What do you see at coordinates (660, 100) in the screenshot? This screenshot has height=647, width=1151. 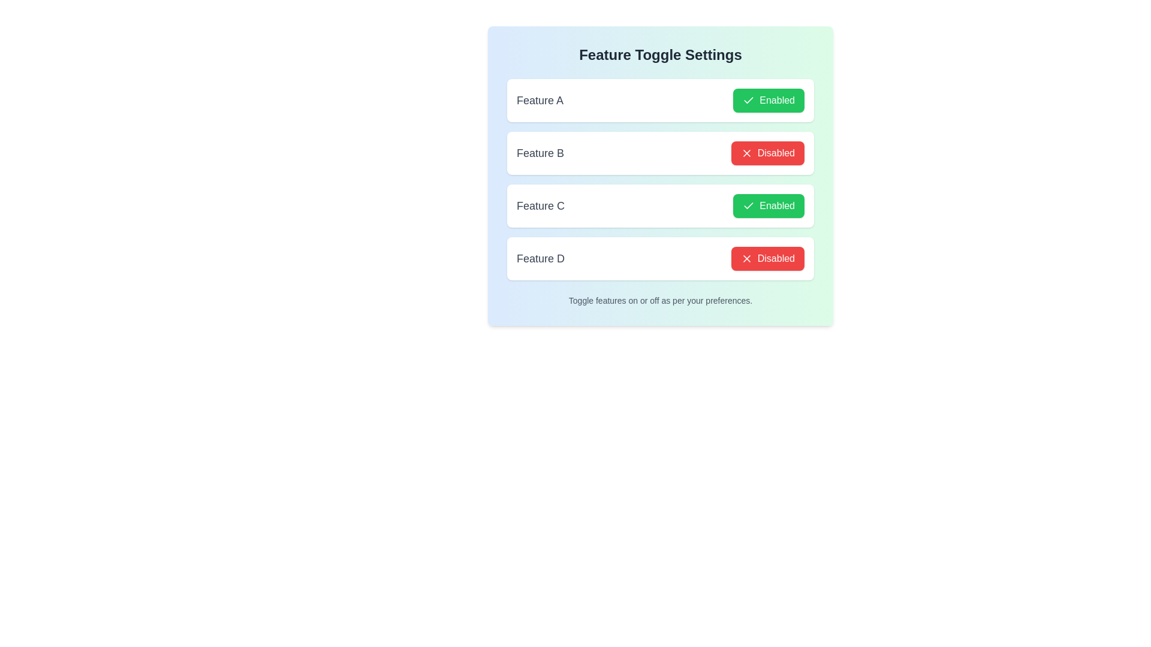 I see `the first List item with toggle control for 'Feature A' in the vertical list of feature toggles under 'Feature Toggle Settings'` at bounding box center [660, 100].